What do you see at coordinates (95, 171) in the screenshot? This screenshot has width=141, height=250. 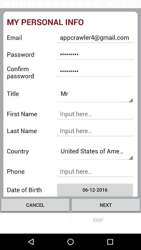 I see `insert phone number` at bounding box center [95, 171].